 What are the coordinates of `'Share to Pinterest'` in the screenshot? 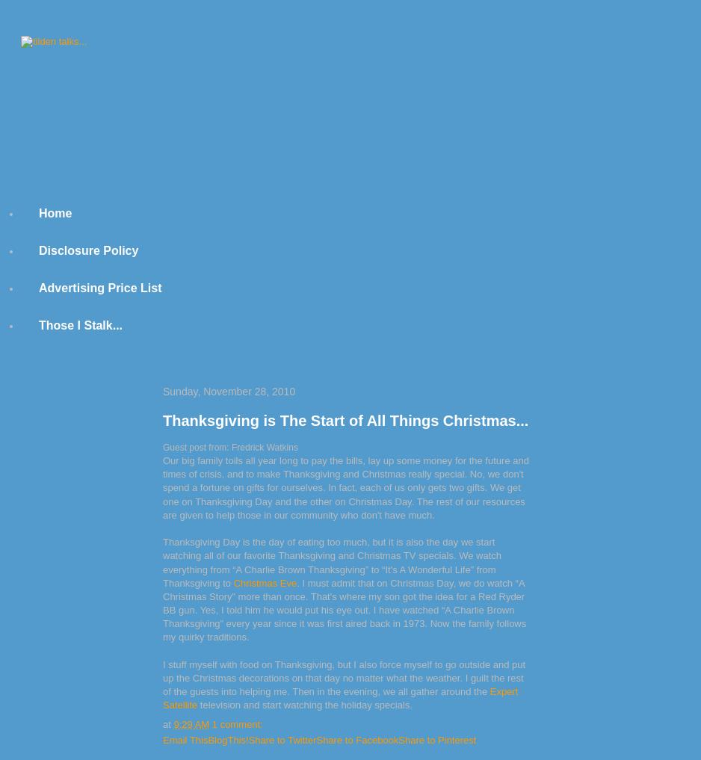 It's located at (436, 739).